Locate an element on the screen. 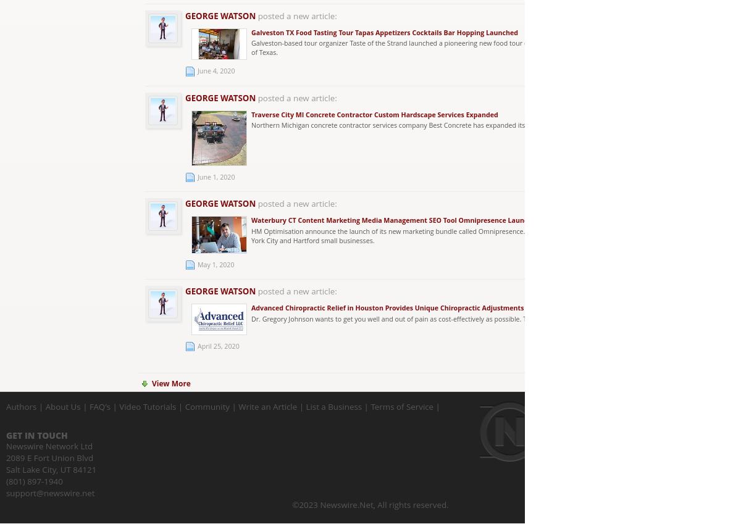 The height and width of the screenshot is (524, 741). 'Community' is located at coordinates (184, 406).